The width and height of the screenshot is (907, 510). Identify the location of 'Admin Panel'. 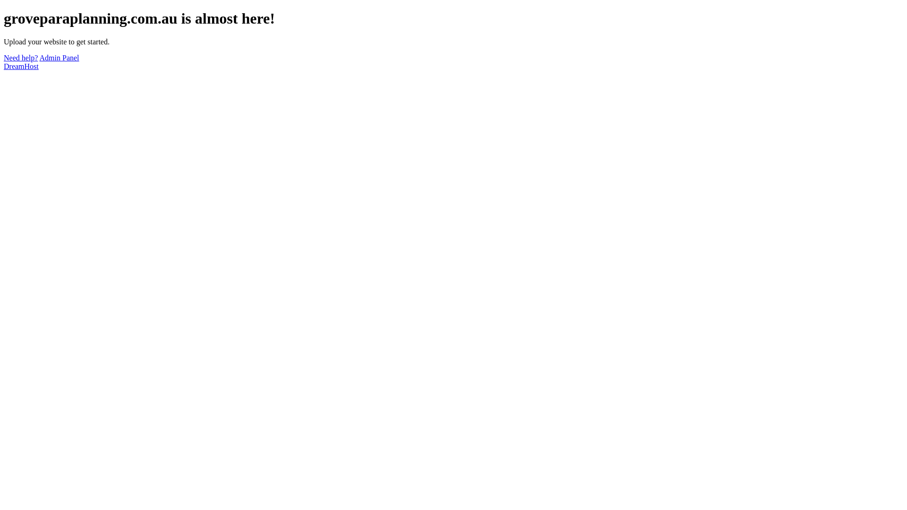
(59, 58).